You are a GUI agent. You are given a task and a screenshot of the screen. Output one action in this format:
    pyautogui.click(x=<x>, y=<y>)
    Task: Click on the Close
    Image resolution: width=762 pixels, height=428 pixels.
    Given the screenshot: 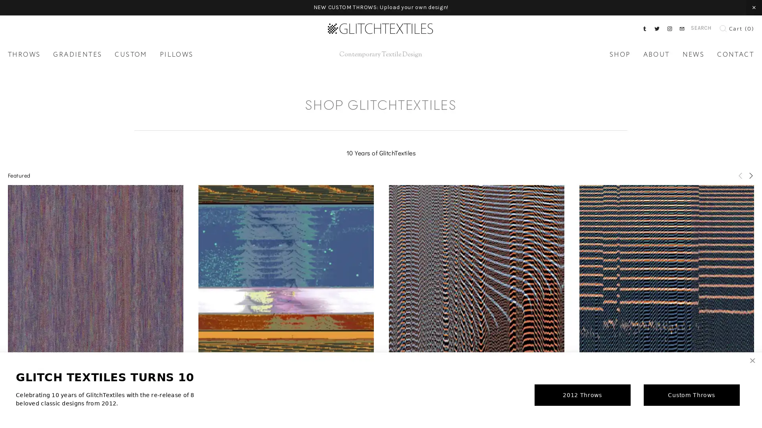 What is the action you would take?
    pyautogui.click(x=752, y=361)
    